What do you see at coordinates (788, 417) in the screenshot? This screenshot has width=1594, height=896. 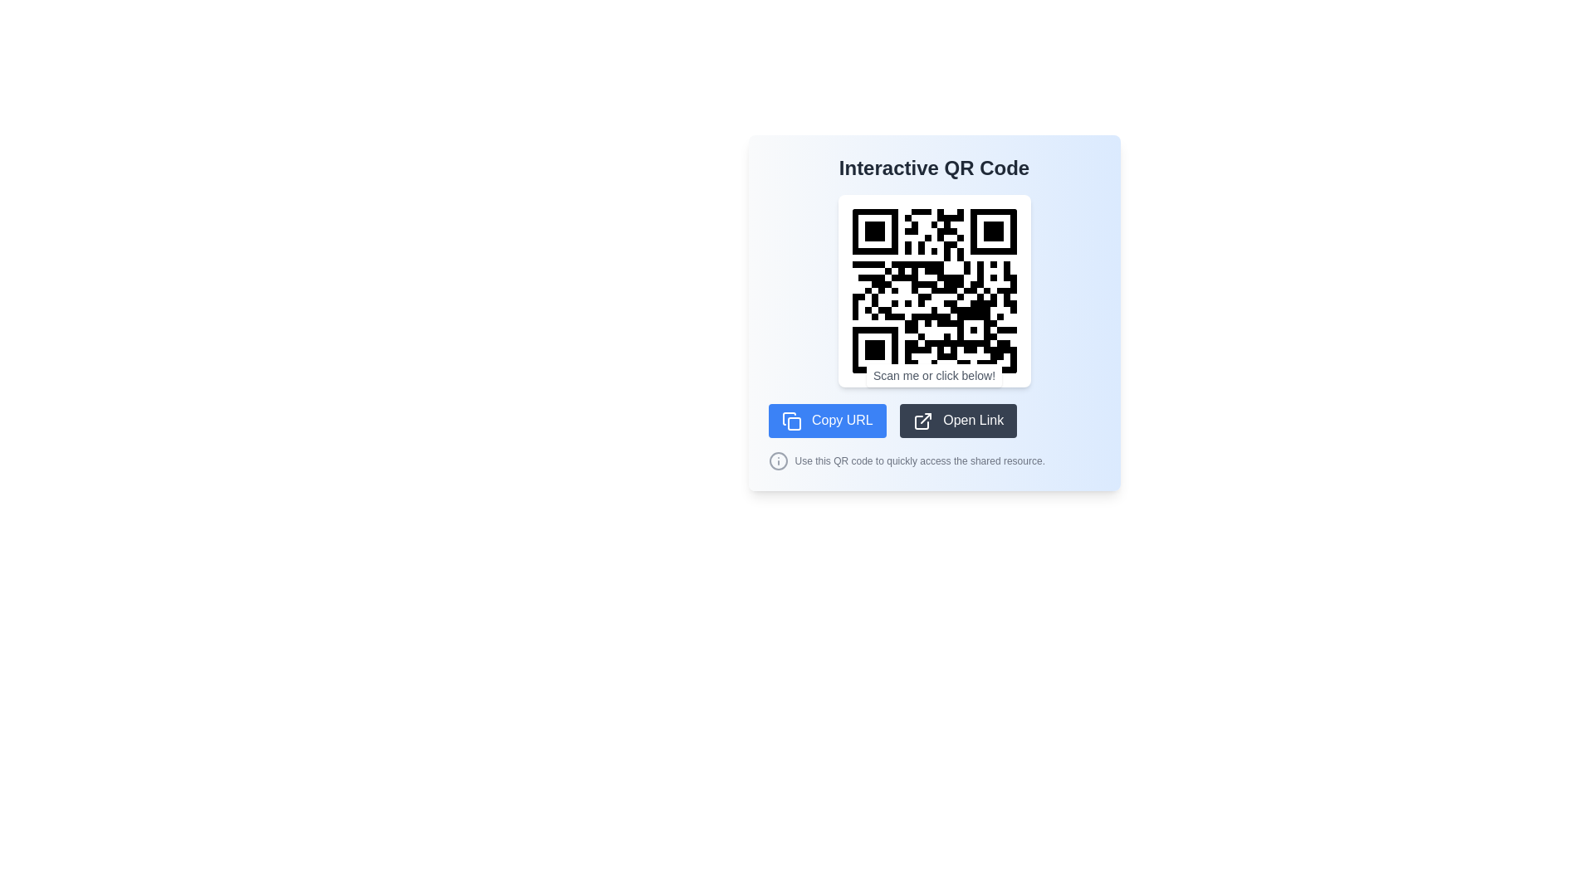 I see `the graphical icon component representing a copying function located near the top-right corner of the interface` at bounding box center [788, 417].